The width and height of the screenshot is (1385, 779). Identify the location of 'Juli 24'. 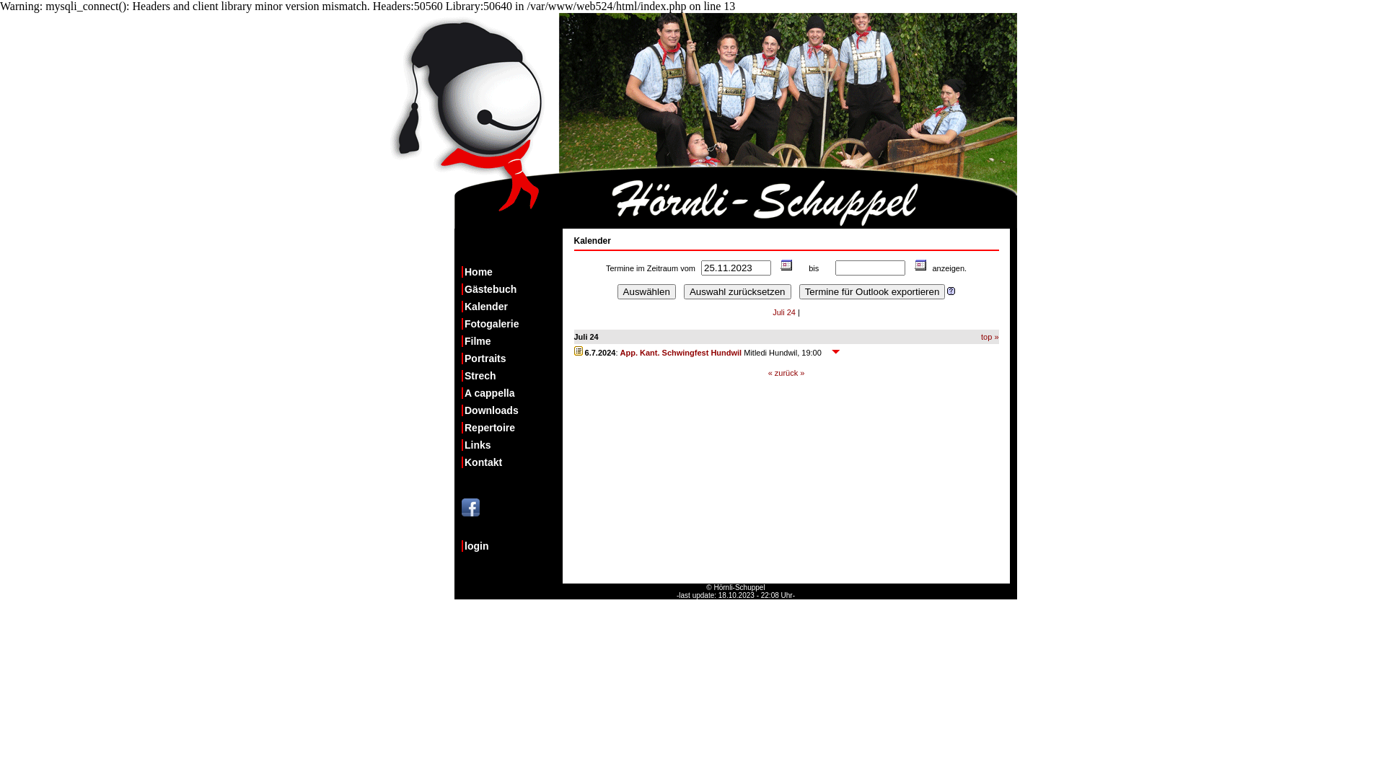
(783, 311).